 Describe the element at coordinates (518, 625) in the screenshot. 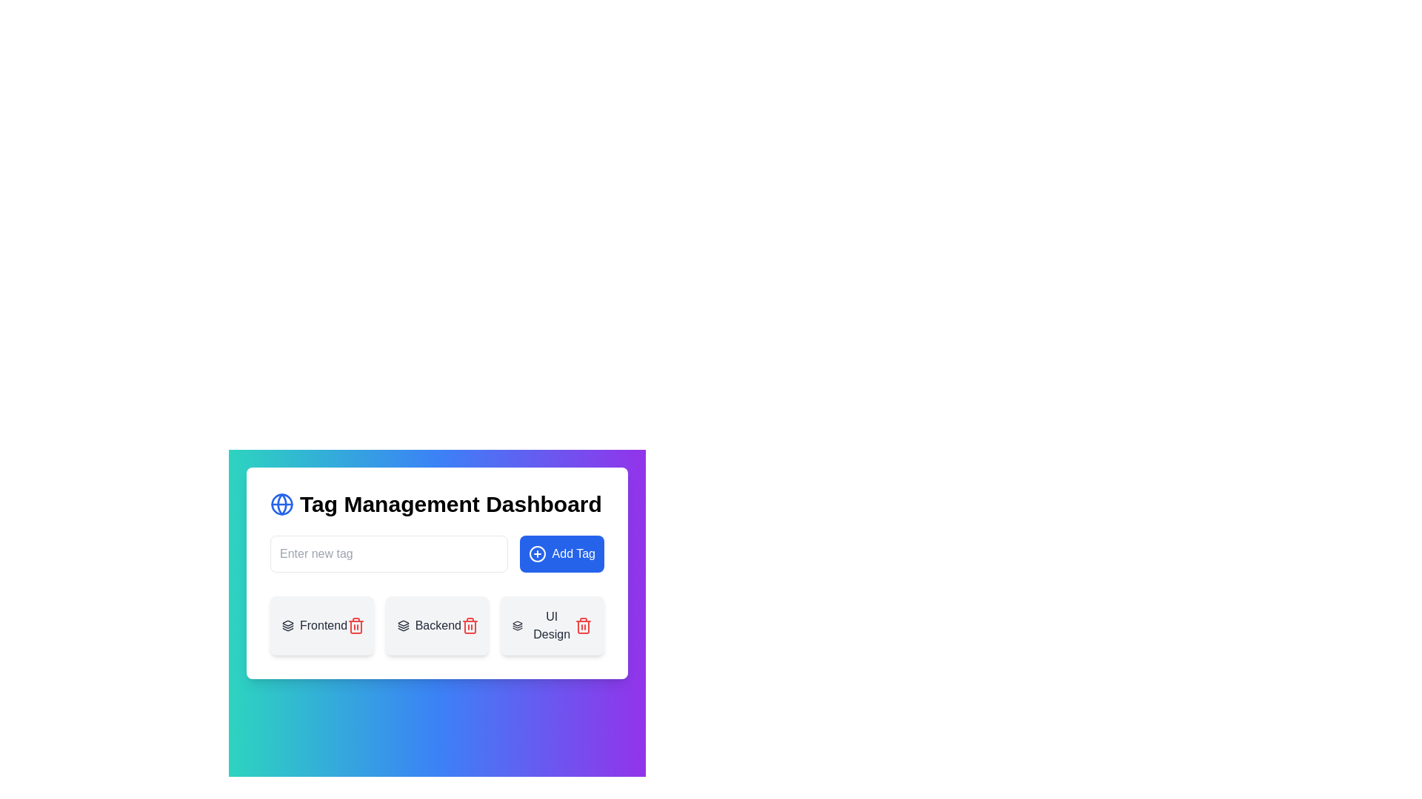

I see `the icon representing the 'UI Design' tag, which is located in the bottom-right section of the interface, adjacent to the text label 'UI Design.'` at that location.